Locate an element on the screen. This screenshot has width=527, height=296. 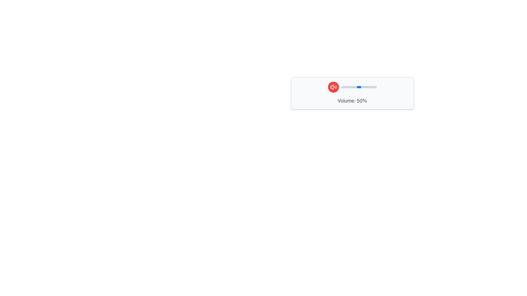
the volume control slider located to the left of the text 'Volume: 50%' is located at coordinates (352, 87).